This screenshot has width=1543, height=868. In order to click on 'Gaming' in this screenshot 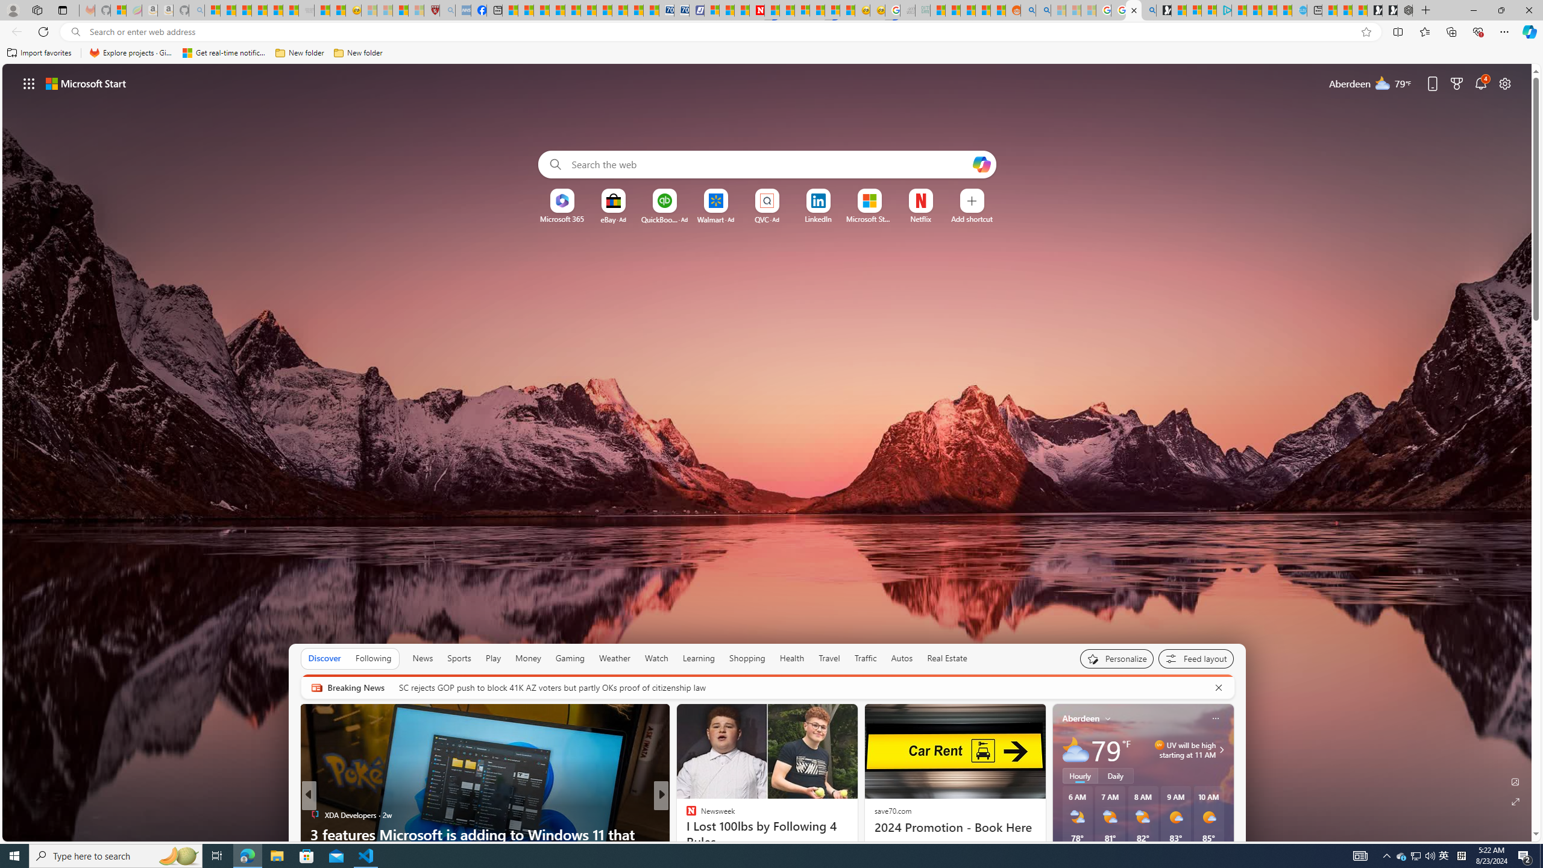, I will do `click(570, 658)`.